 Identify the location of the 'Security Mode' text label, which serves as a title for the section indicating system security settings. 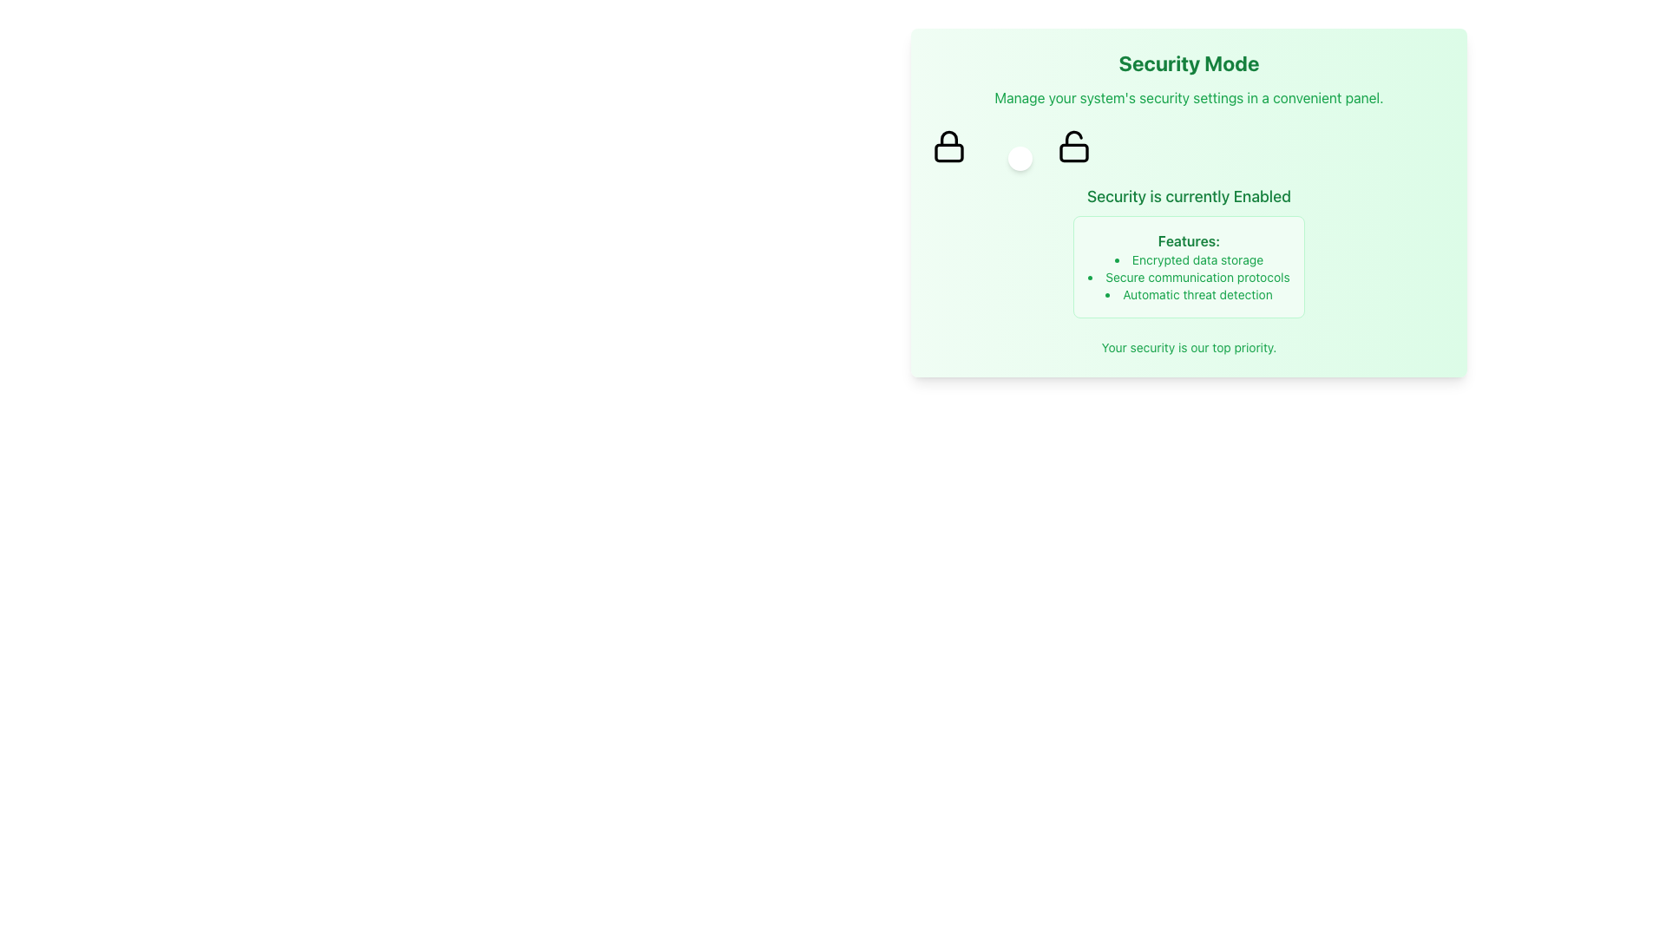
(1188, 62).